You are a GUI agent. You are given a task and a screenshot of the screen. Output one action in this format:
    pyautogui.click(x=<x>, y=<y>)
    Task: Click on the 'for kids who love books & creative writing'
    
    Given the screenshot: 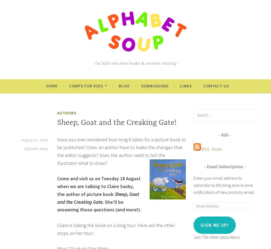 What is the action you would take?
    pyautogui.click(x=135, y=63)
    